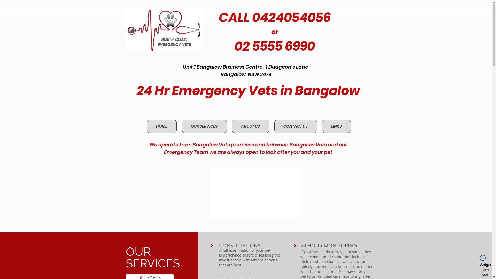 This screenshot has width=496, height=279. Describe the element at coordinates (296, 126) in the screenshot. I see `'CONTACT US'` at that location.